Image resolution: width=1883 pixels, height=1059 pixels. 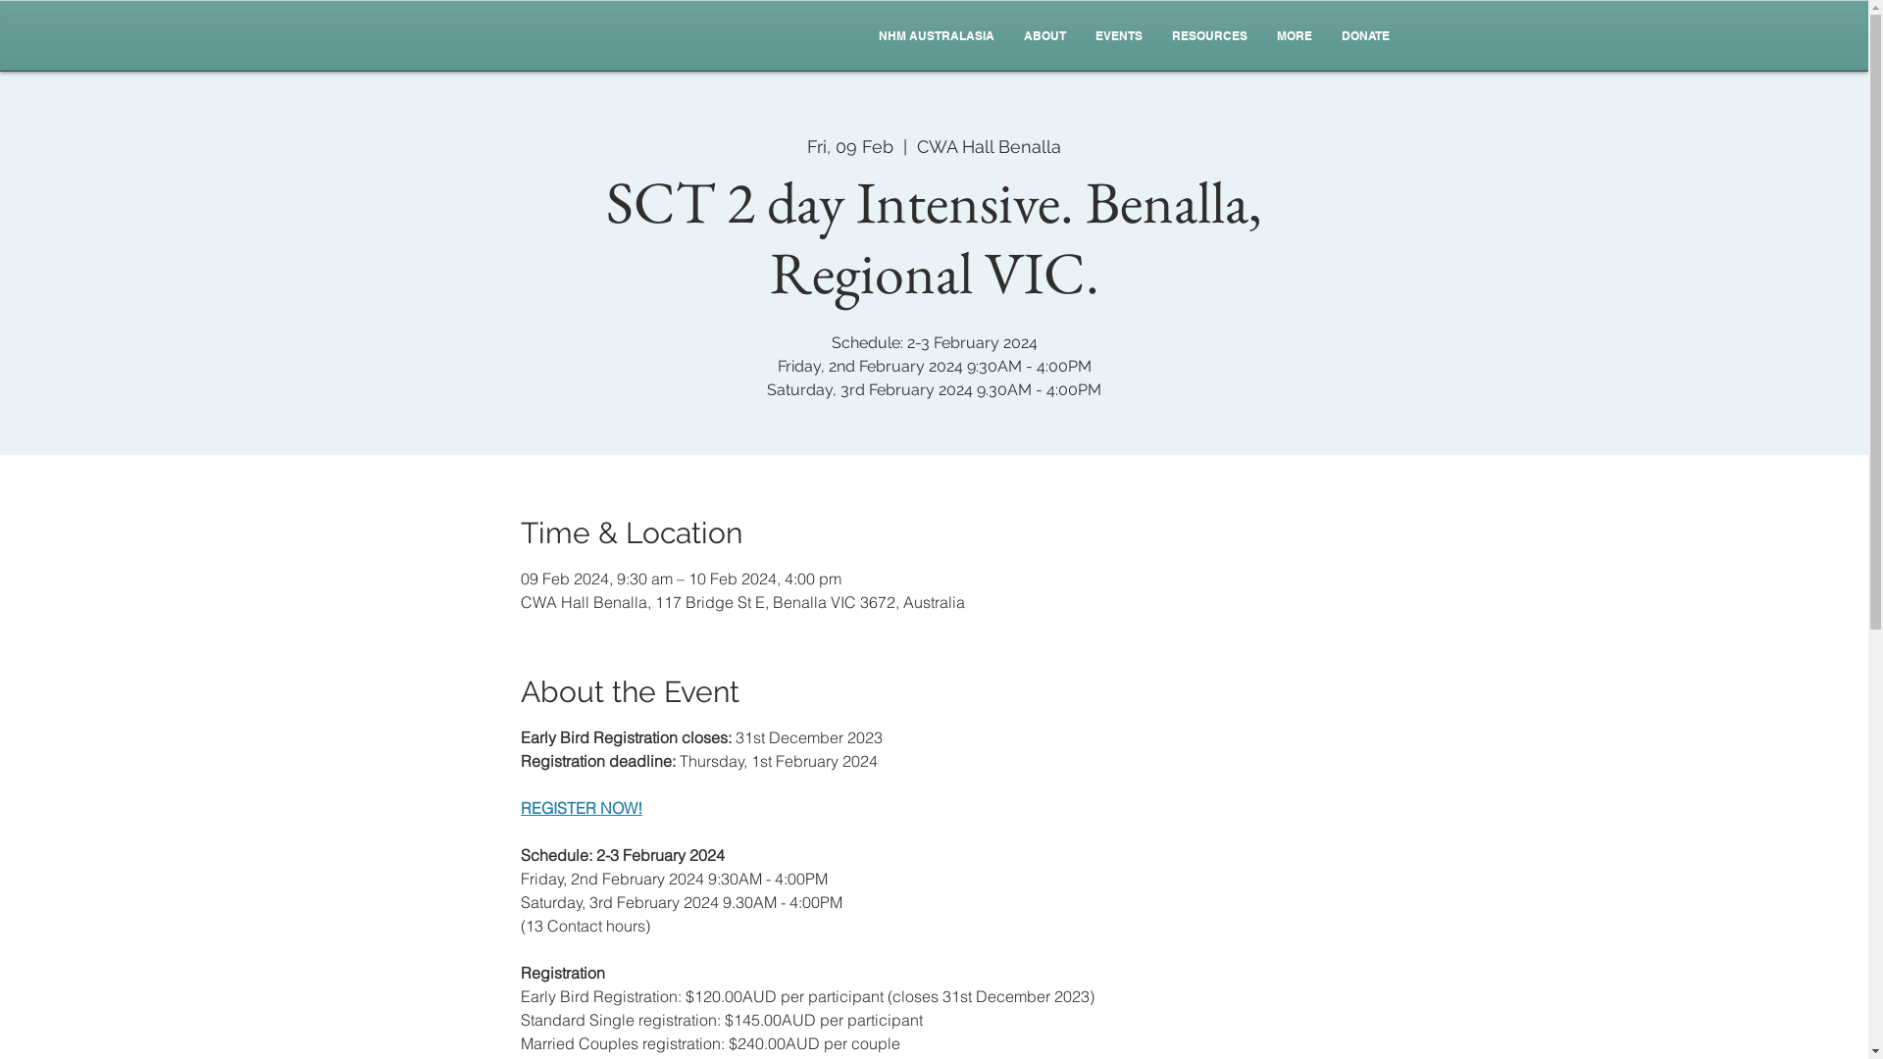 I want to click on 'NHM AUSTRALASIA', so click(x=935, y=36).